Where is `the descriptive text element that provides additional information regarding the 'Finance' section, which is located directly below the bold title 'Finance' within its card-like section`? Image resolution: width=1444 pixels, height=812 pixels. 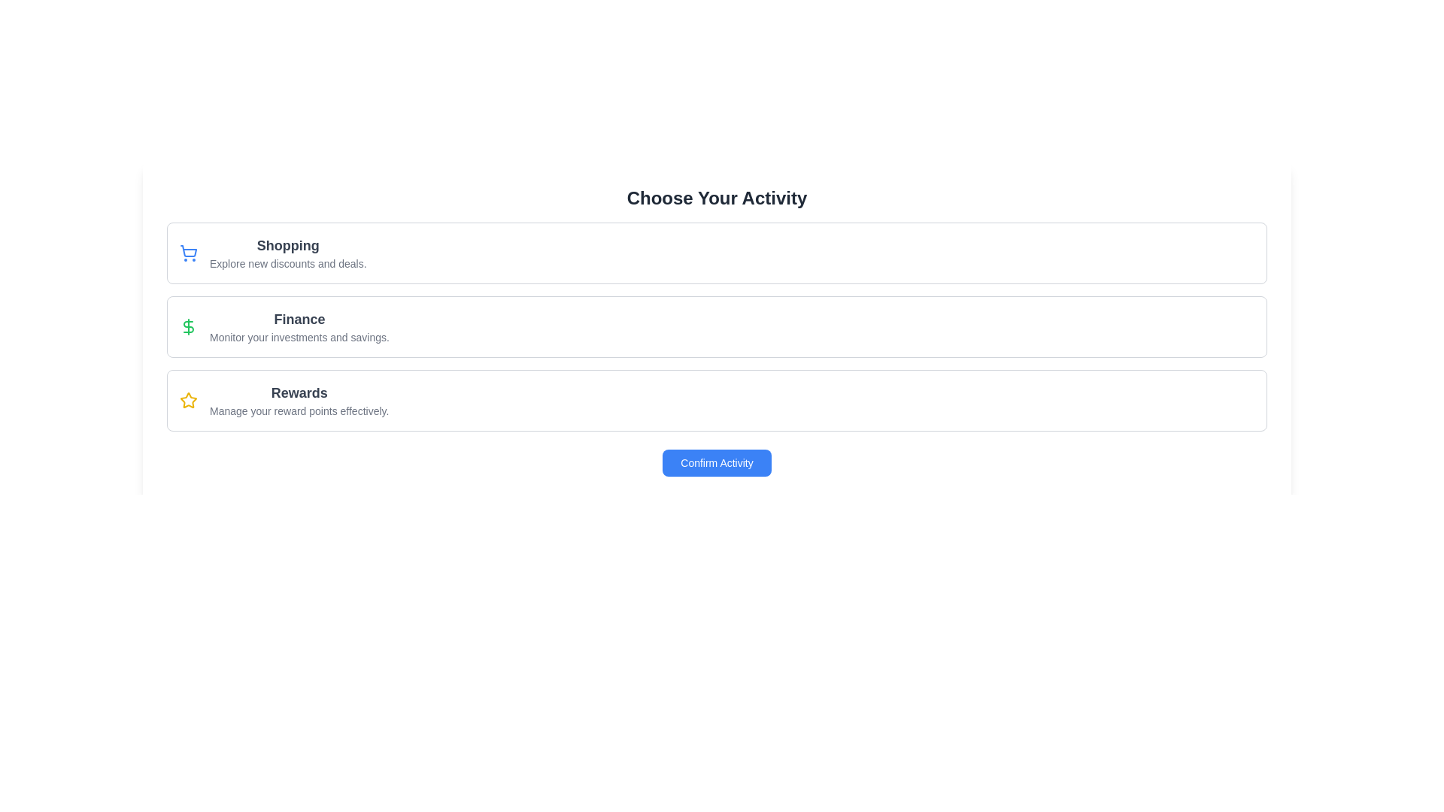
the descriptive text element that provides additional information regarding the 'Finance' section, which is located directly below the bold title 'Finance' within its card-like section is located at coordinates (299, 336).